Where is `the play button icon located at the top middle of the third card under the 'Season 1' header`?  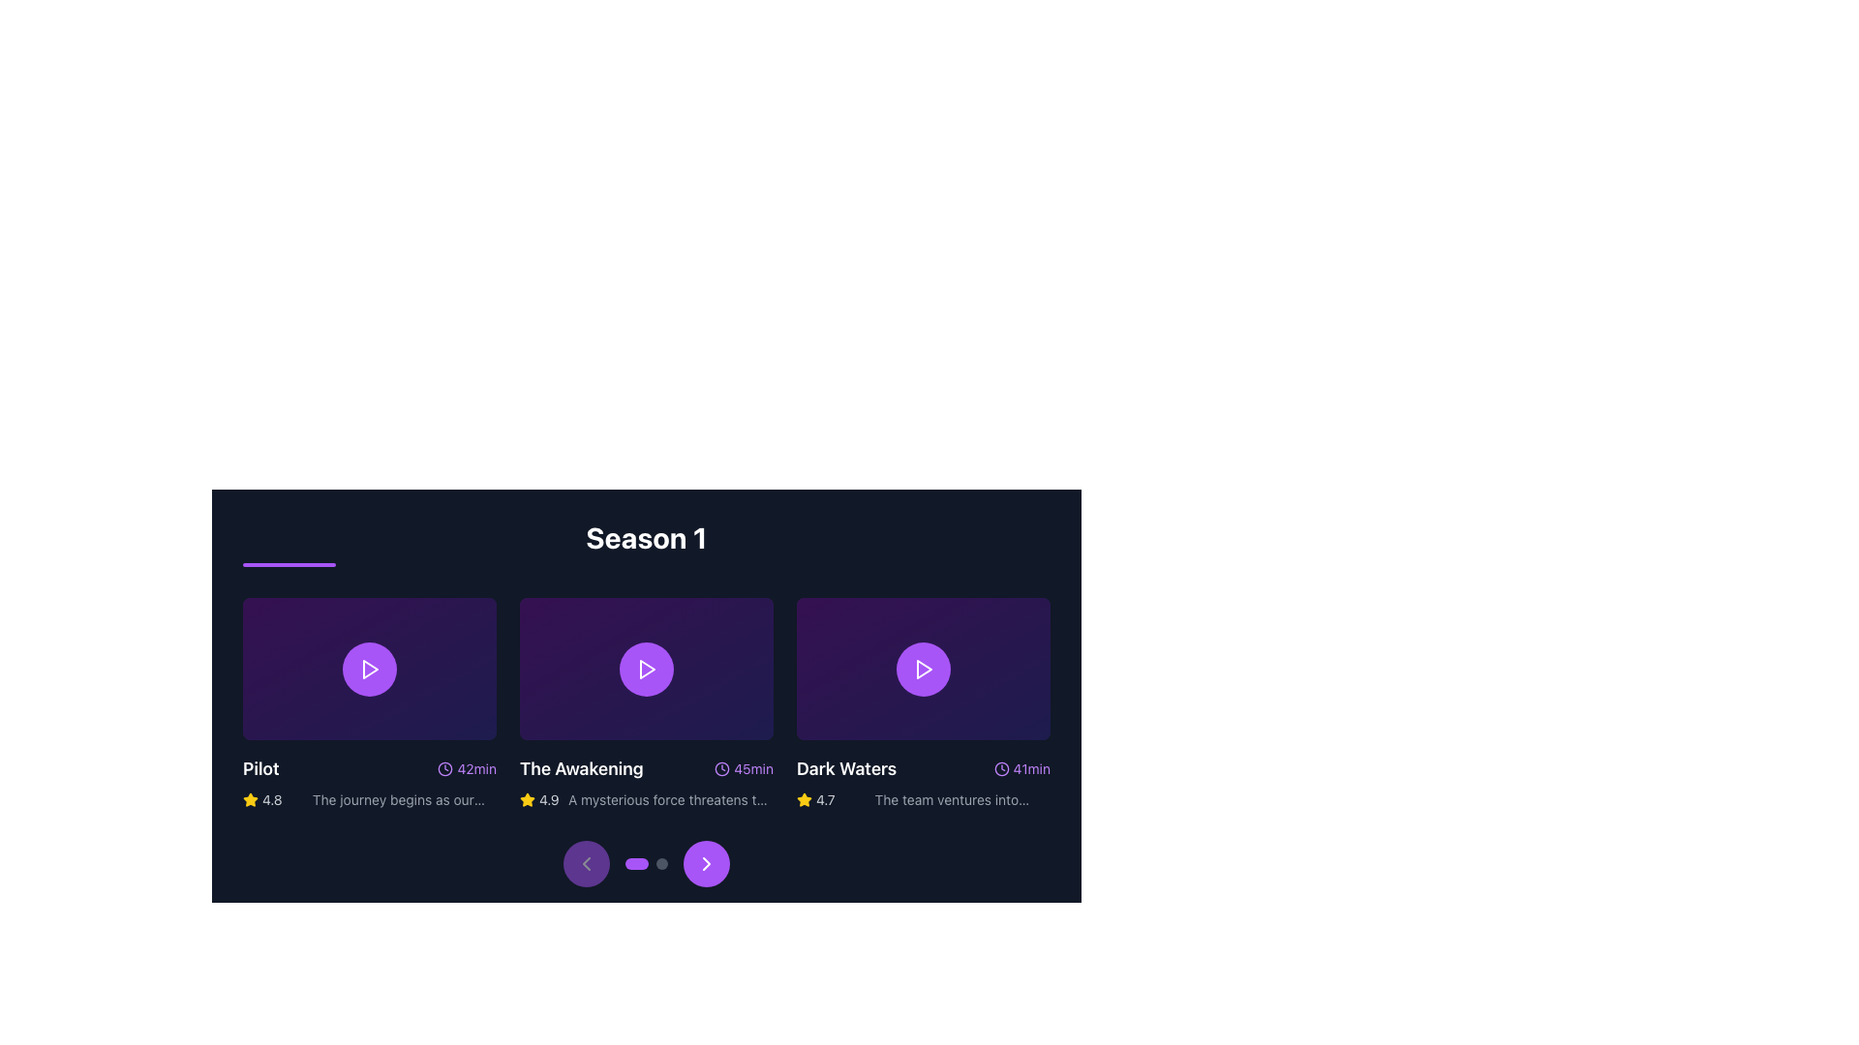
the play button icon located at the top middle of the third card under the 'Season 1' header is located at coordinates (923, 667).